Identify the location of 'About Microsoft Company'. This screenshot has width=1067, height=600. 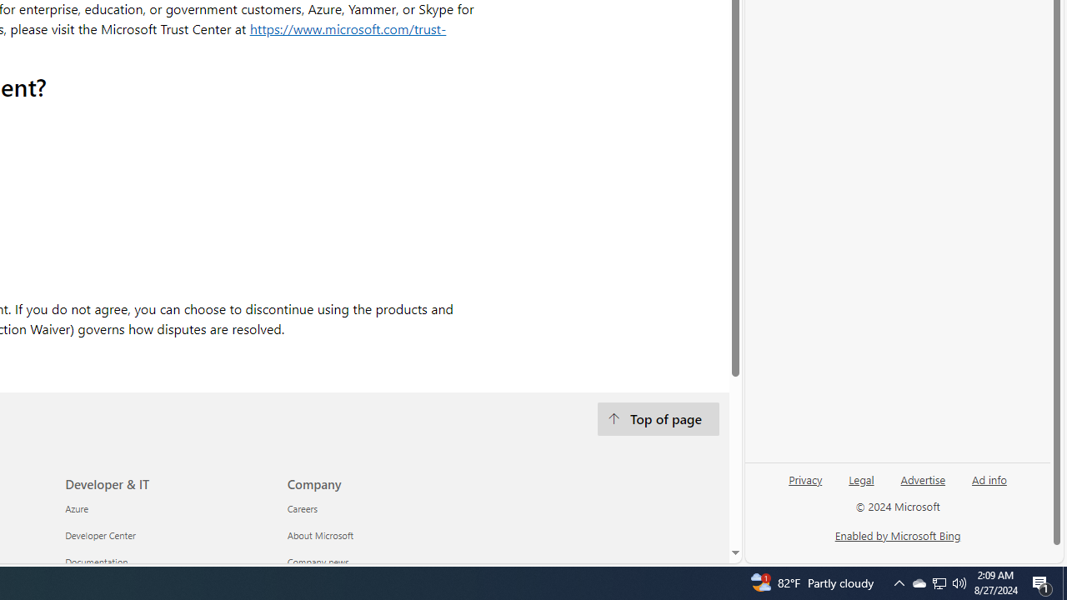
(320, 535).